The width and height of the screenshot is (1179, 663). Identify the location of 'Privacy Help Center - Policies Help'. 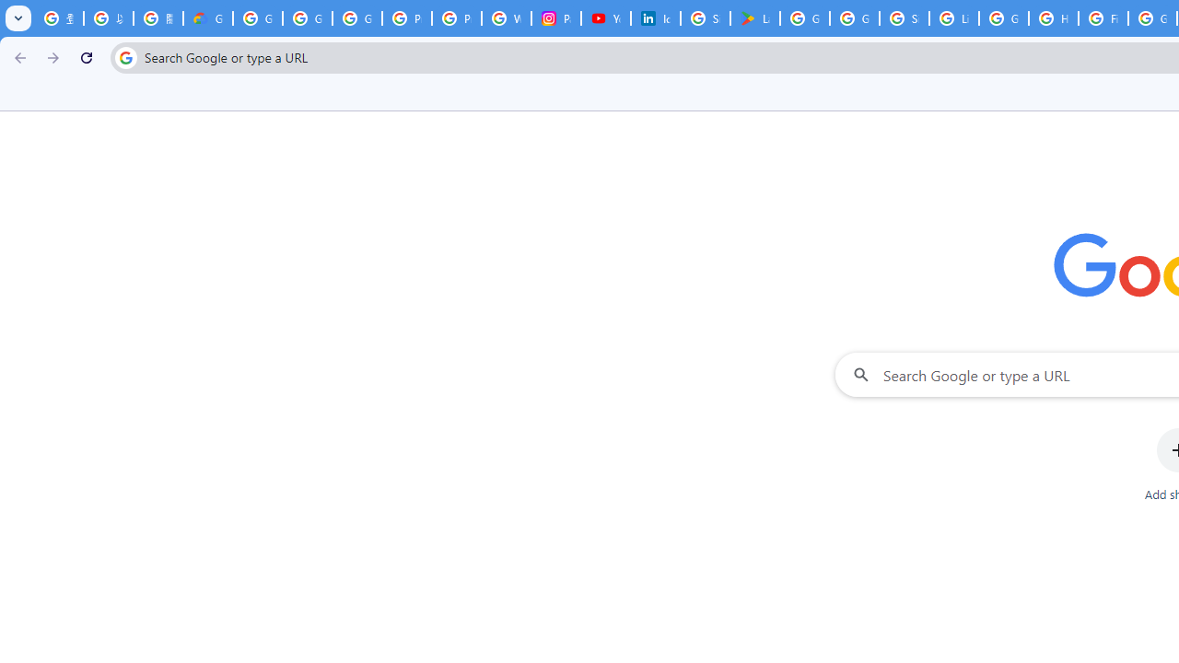
(457, 18).